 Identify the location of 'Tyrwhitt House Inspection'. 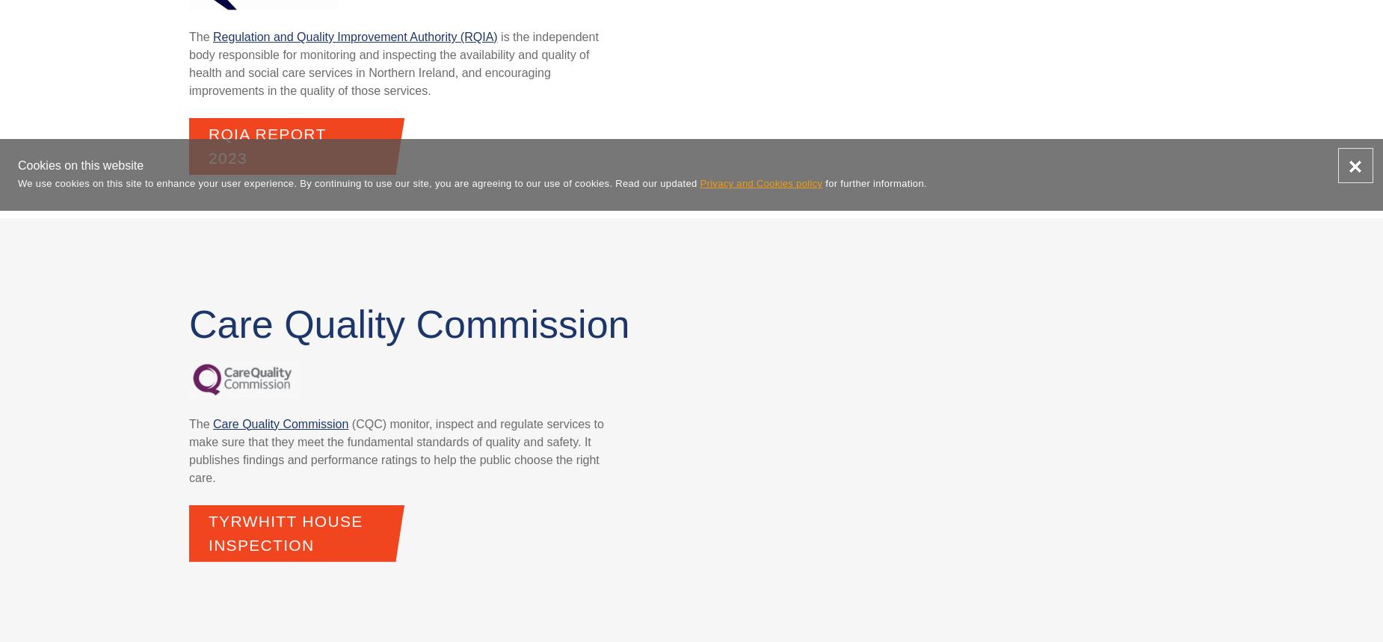
(284, 532).